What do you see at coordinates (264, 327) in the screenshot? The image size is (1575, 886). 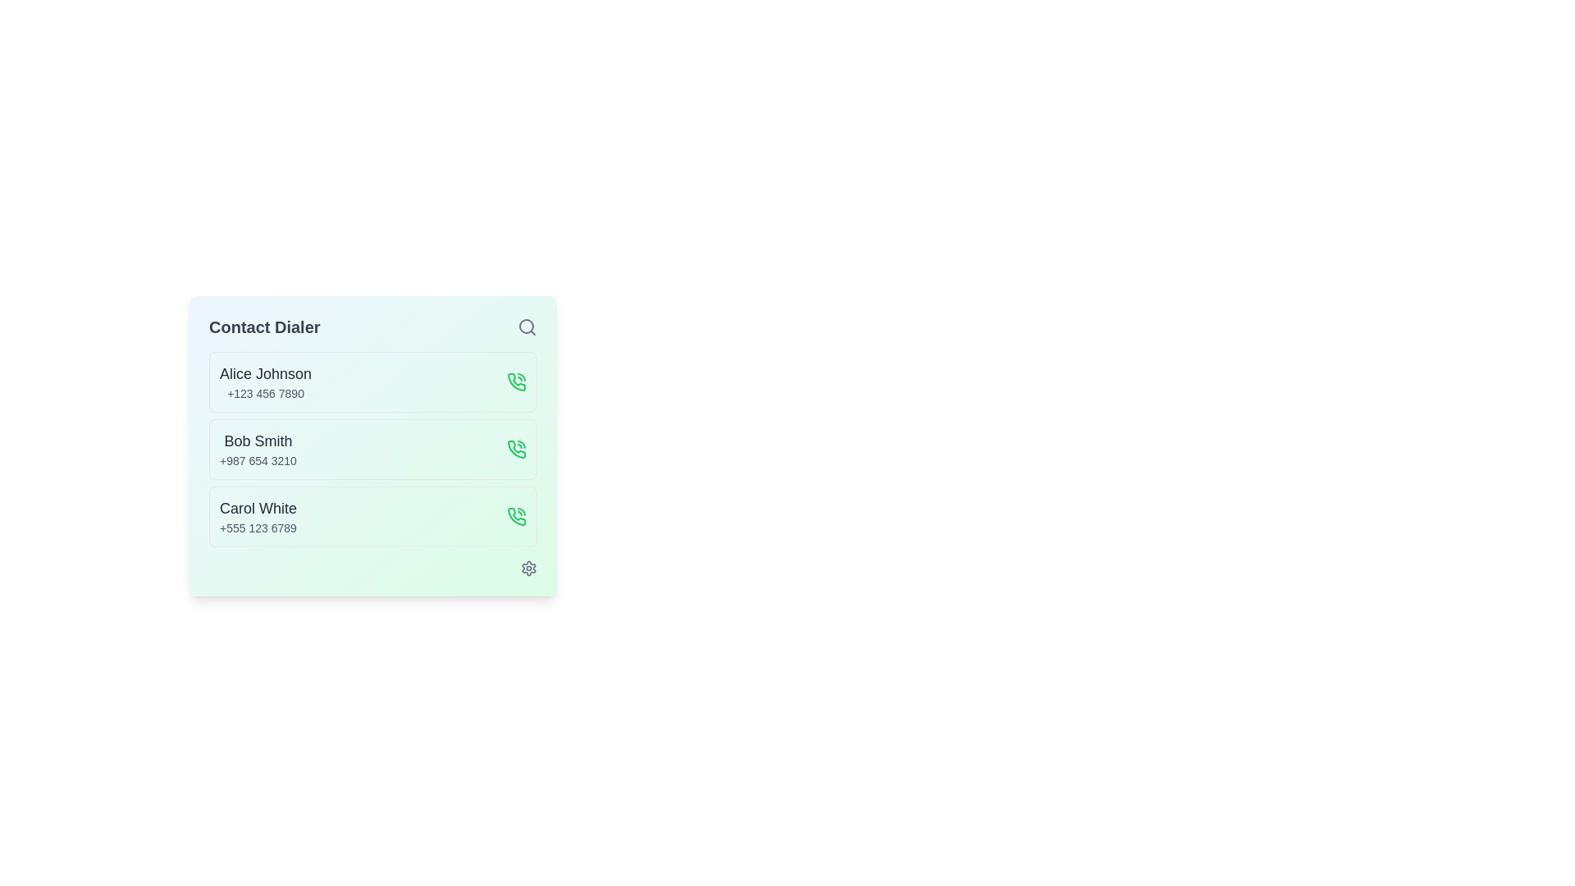 I see `the static text label located at the top left of the interface, which serves as a title or label for the displayed content` at bounding box center [264, 327].